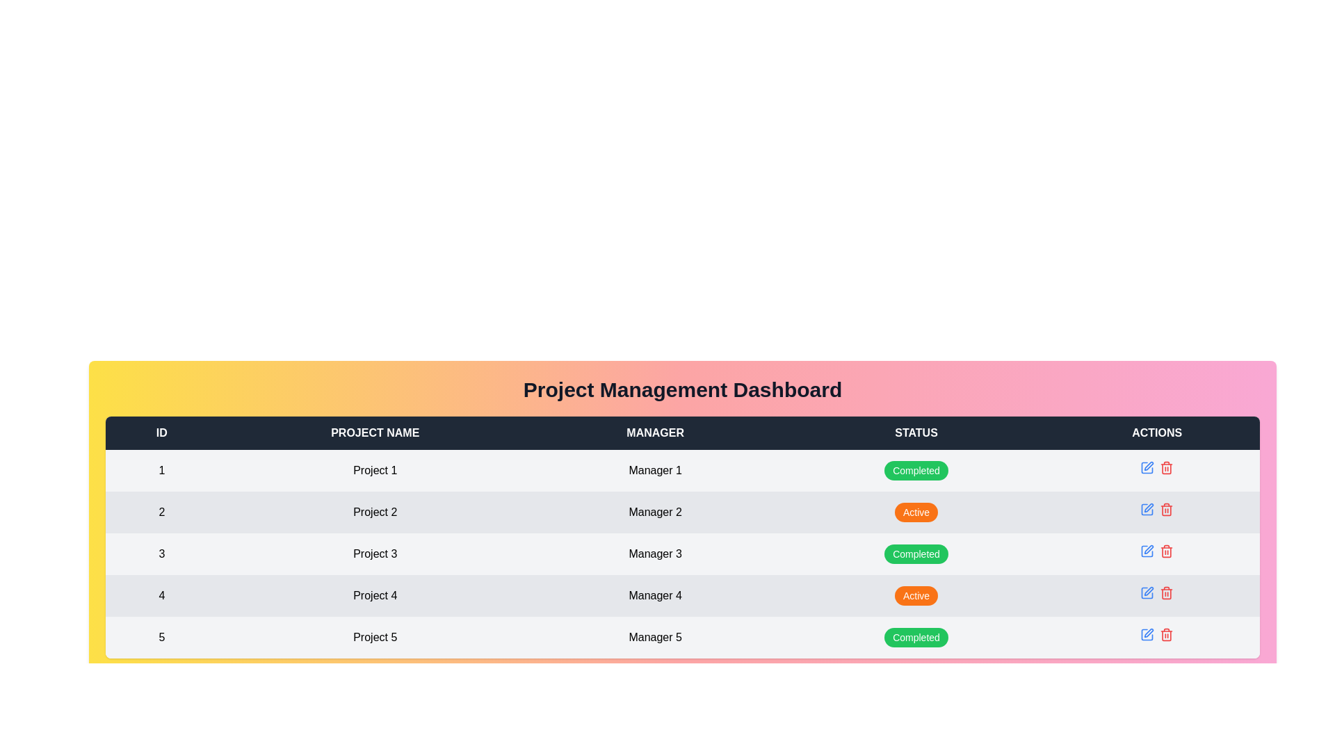  I want to click on the status of the active item indicated by the Status Label located in the 'STATUS' column of the second row, next to 'Manager 2', so click(916, 512).